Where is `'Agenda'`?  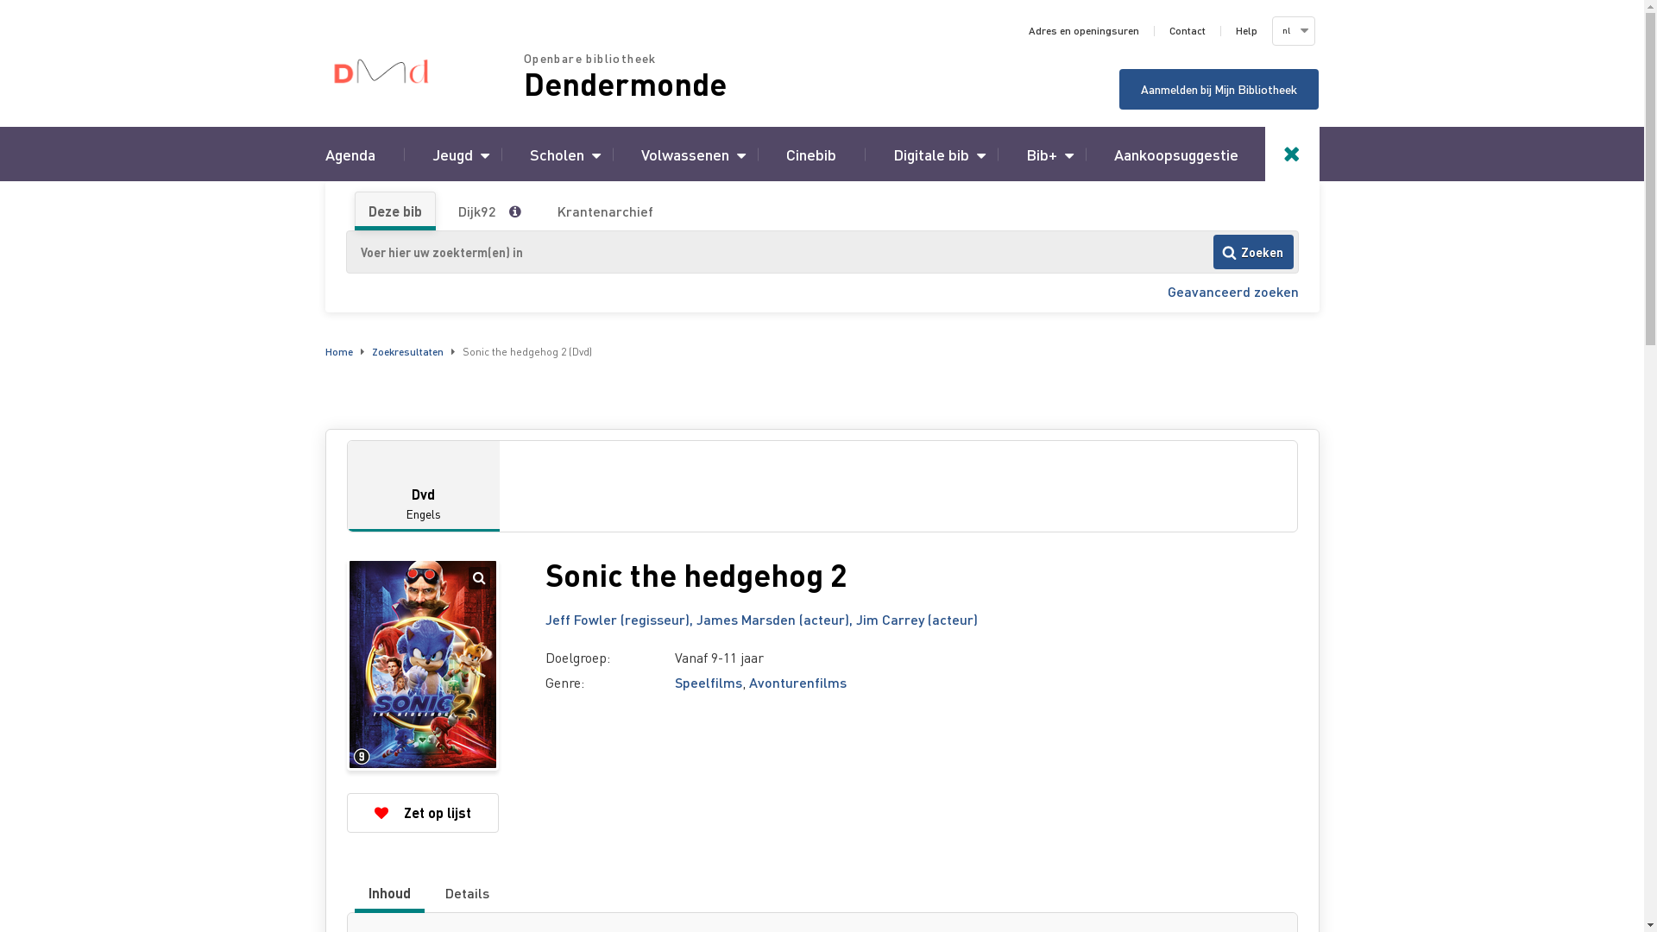
'Agenda' is located at coordinates (348, 153).